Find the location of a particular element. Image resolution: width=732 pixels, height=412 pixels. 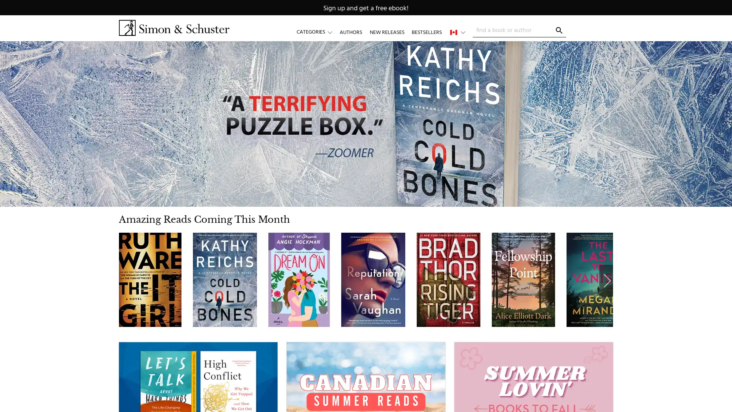

AUTHORS is located at coordinates (350, 32).